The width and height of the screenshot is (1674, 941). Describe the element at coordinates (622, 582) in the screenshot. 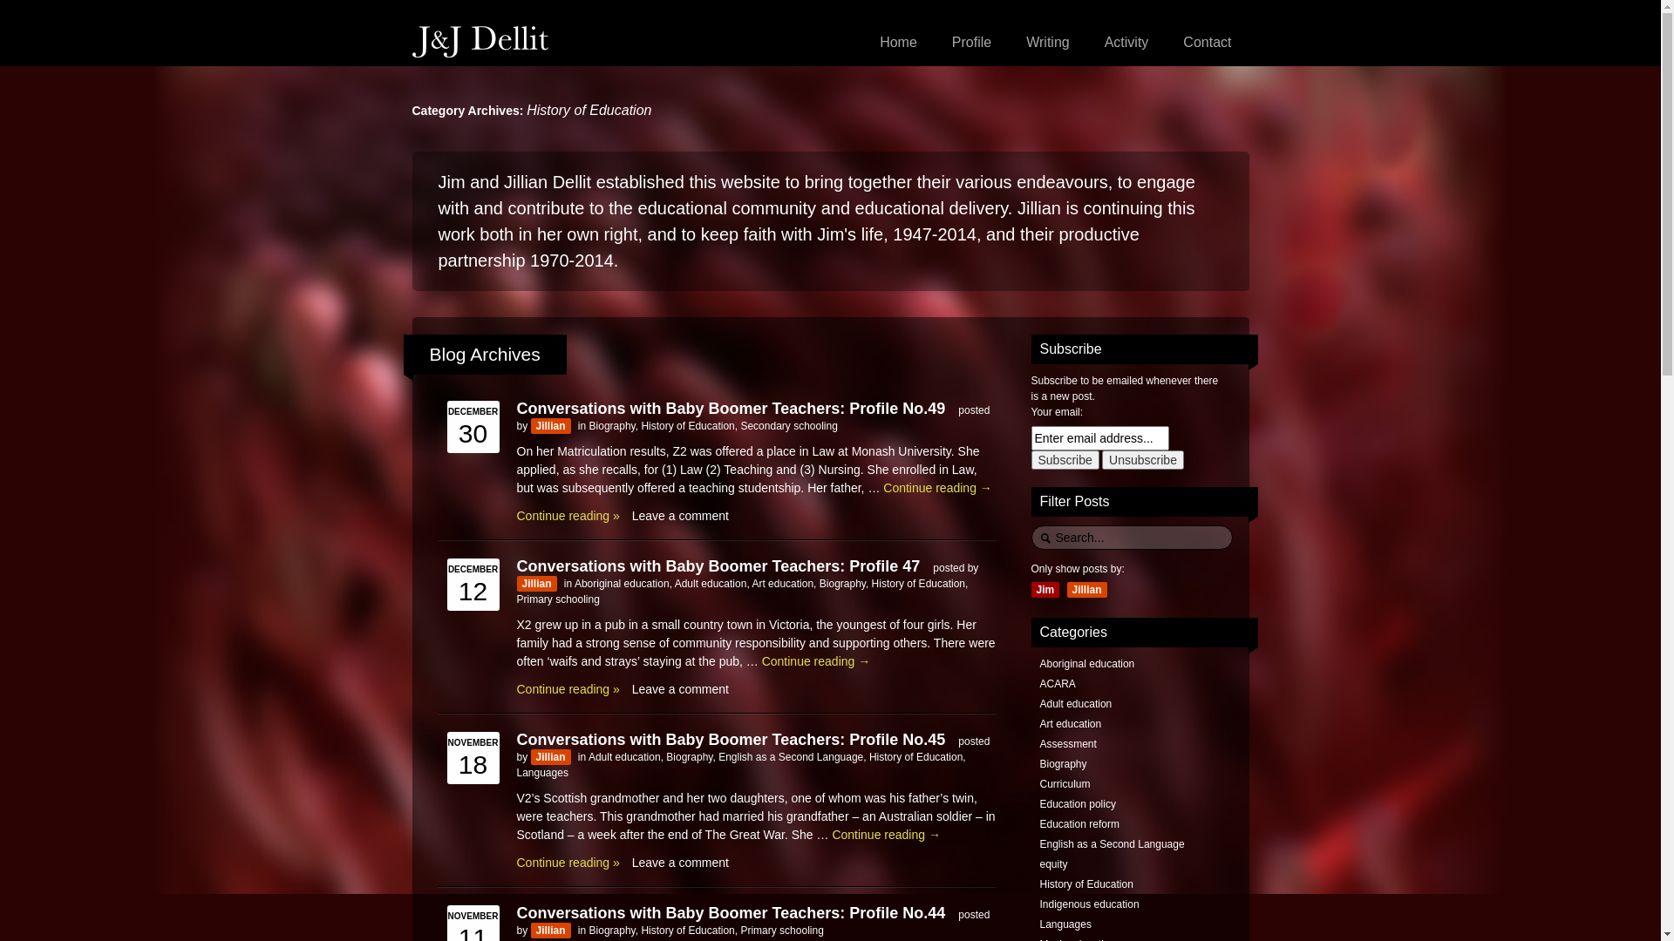

I see `'Aboriginal education'` at that location.